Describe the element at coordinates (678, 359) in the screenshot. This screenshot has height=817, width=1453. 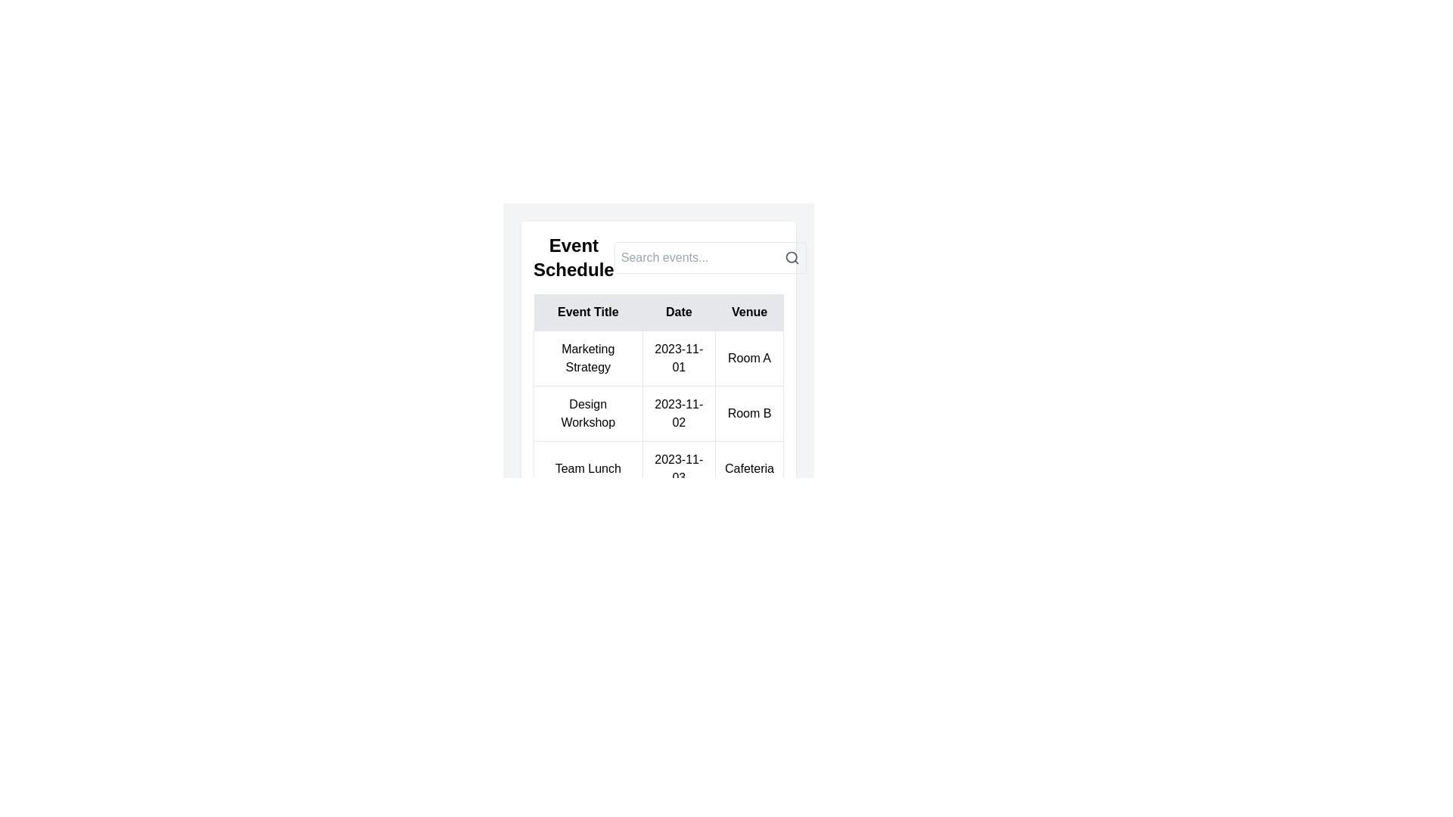
I see `the informational text displaying the date associated with the event 'Marketing Strategy', which is positioned centrally between the event title and the venue` at that location.